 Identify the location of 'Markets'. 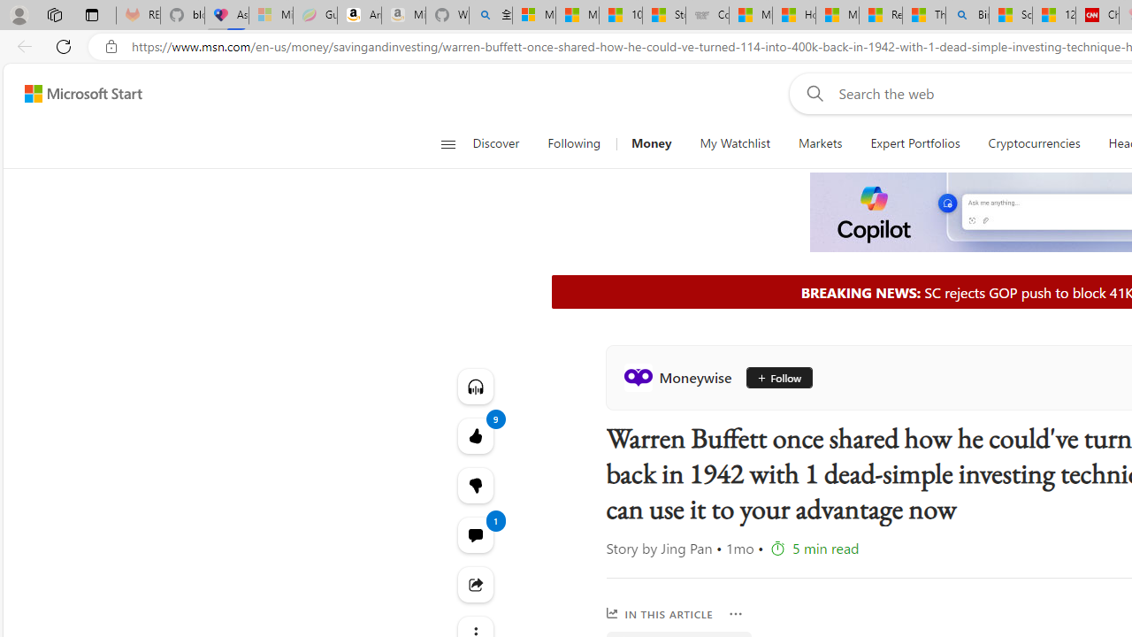
(820, 143).